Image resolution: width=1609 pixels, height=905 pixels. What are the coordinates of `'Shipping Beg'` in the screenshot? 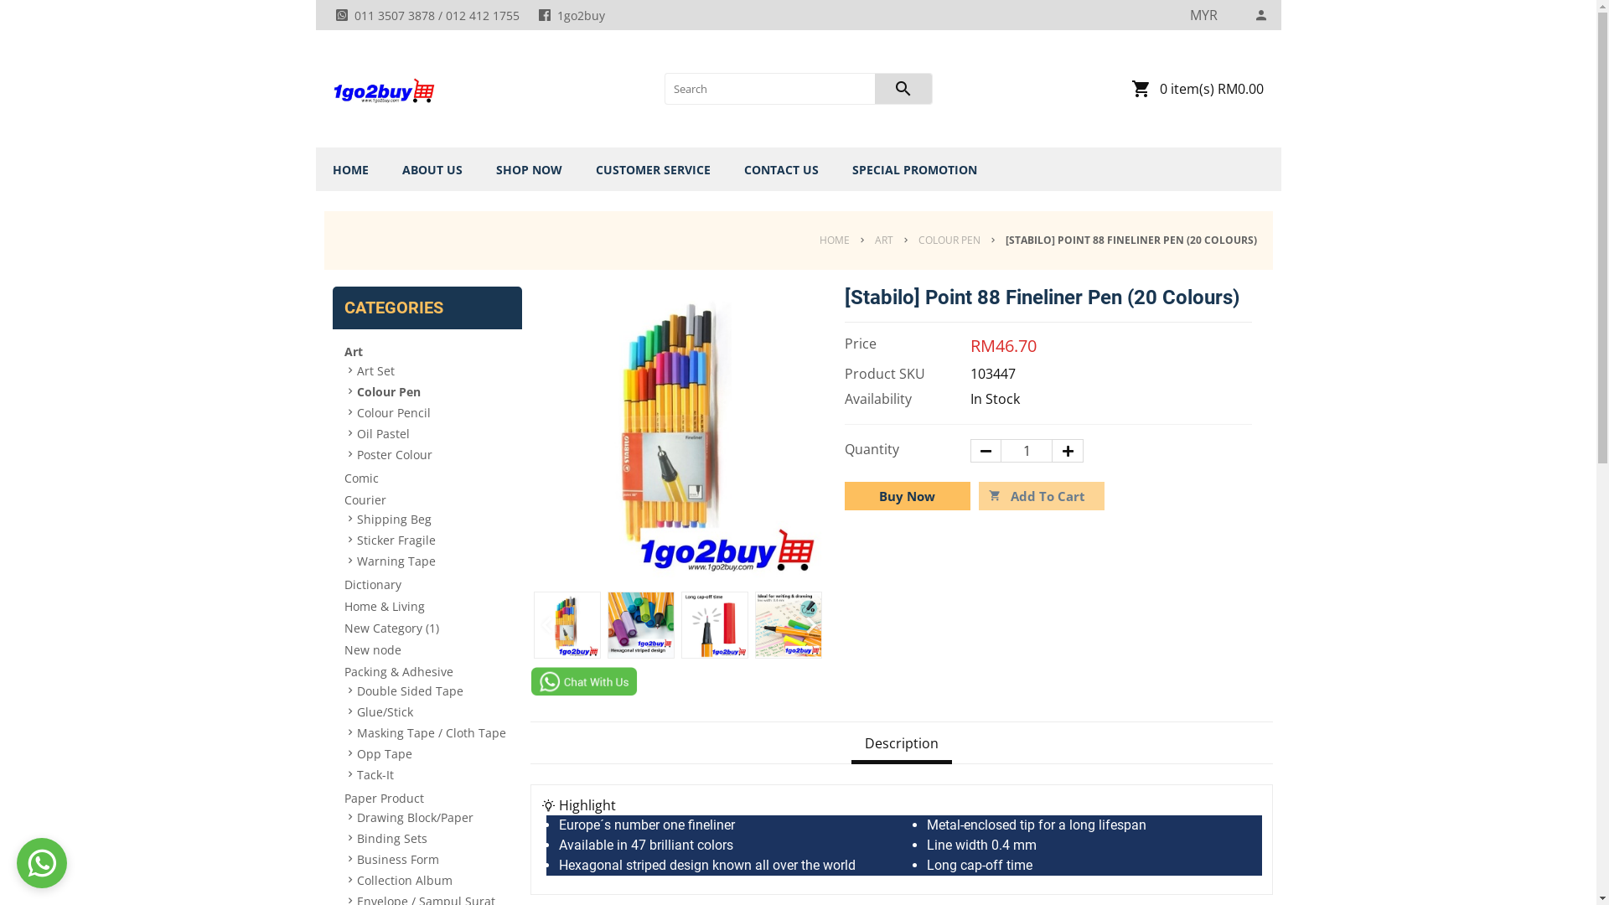 It's located at (433, 517).